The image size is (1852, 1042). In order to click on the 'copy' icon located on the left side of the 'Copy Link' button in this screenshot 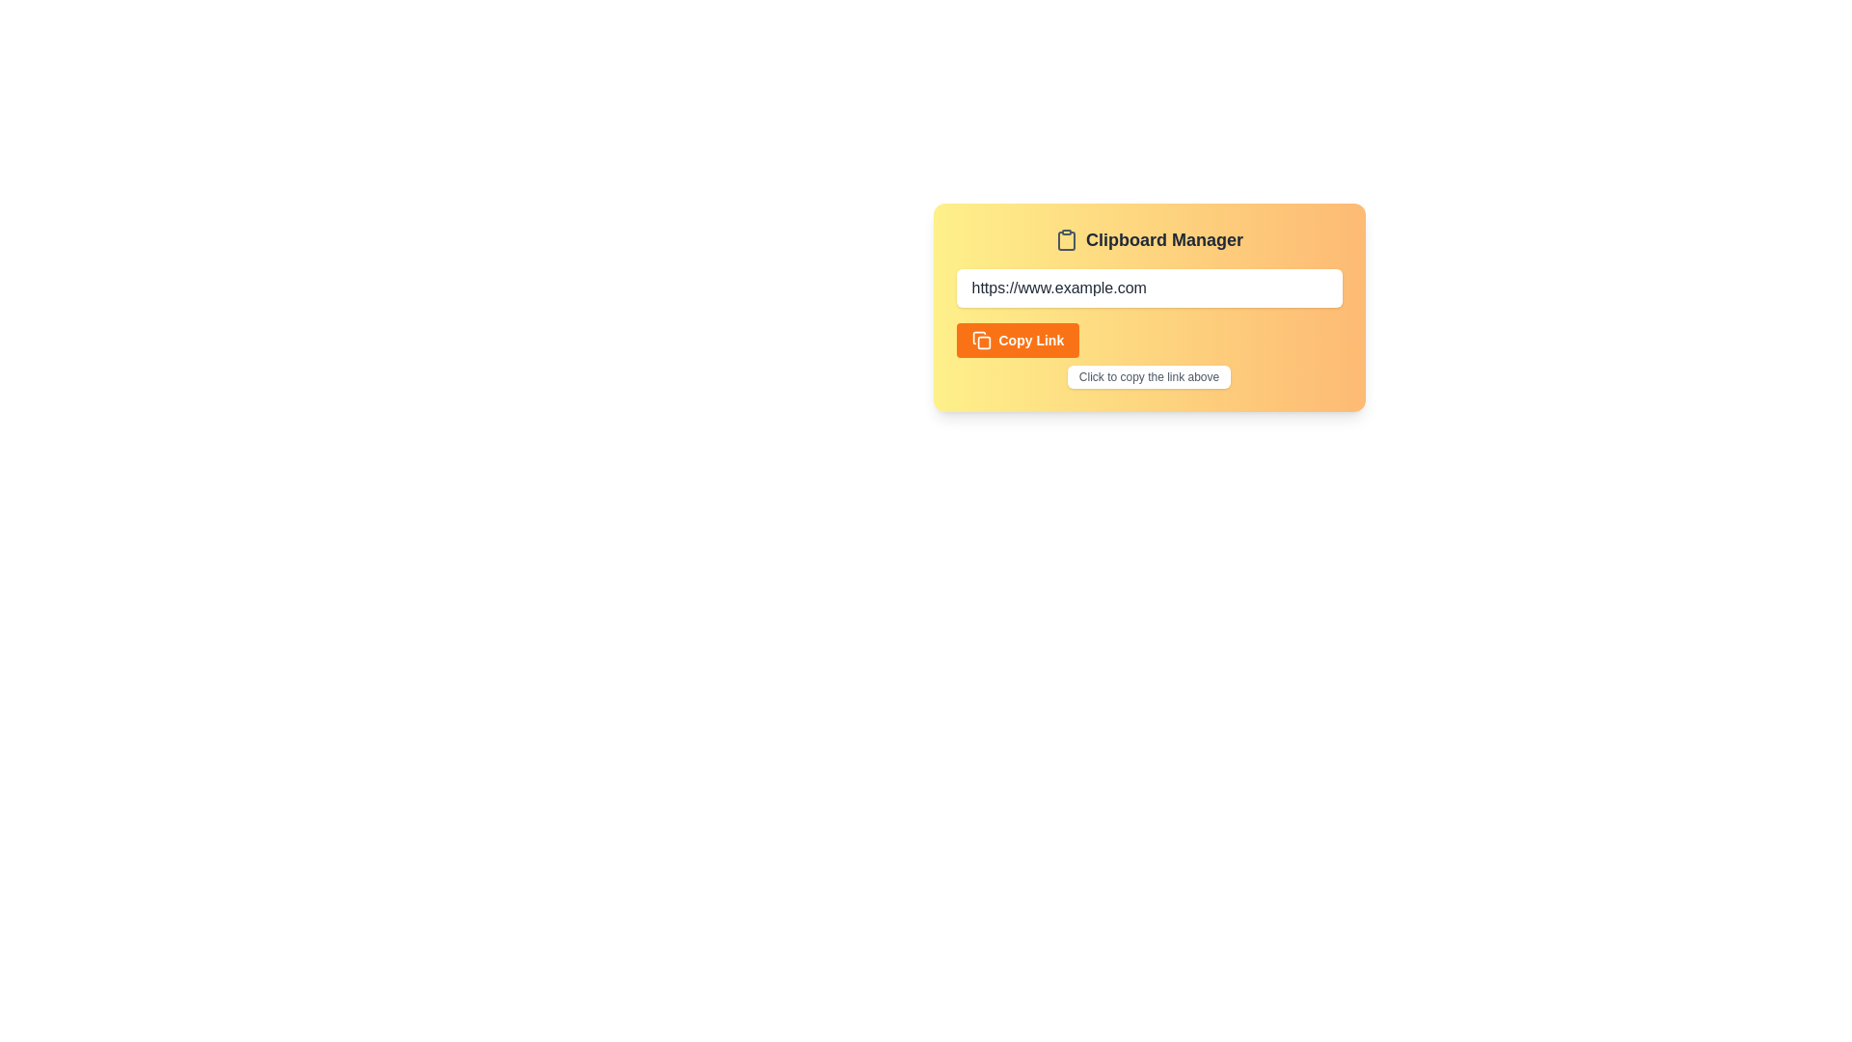, I will do `click(981, 340)`.